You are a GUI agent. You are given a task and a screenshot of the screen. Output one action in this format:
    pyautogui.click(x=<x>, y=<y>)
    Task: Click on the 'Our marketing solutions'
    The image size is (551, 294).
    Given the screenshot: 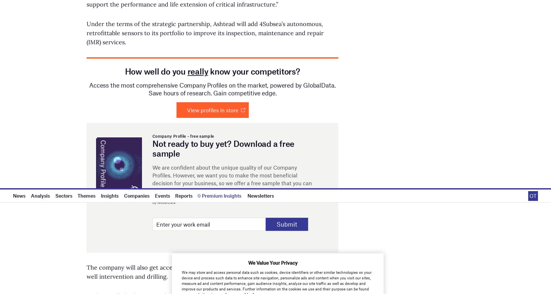 What is the action you would take?
    pyautogui.click(x=321, y=62)
    